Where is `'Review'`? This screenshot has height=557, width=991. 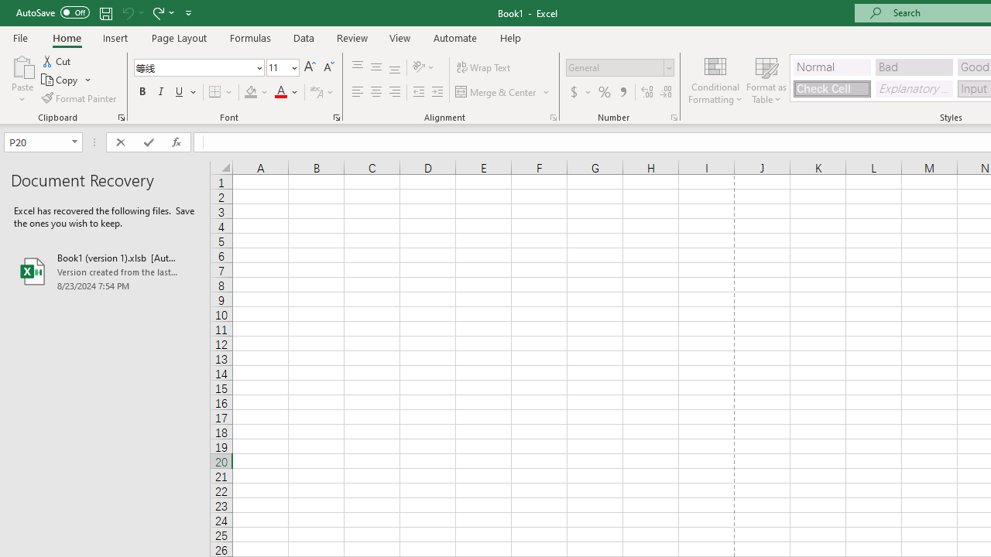
'Review' is located at coordinates (351, 37).